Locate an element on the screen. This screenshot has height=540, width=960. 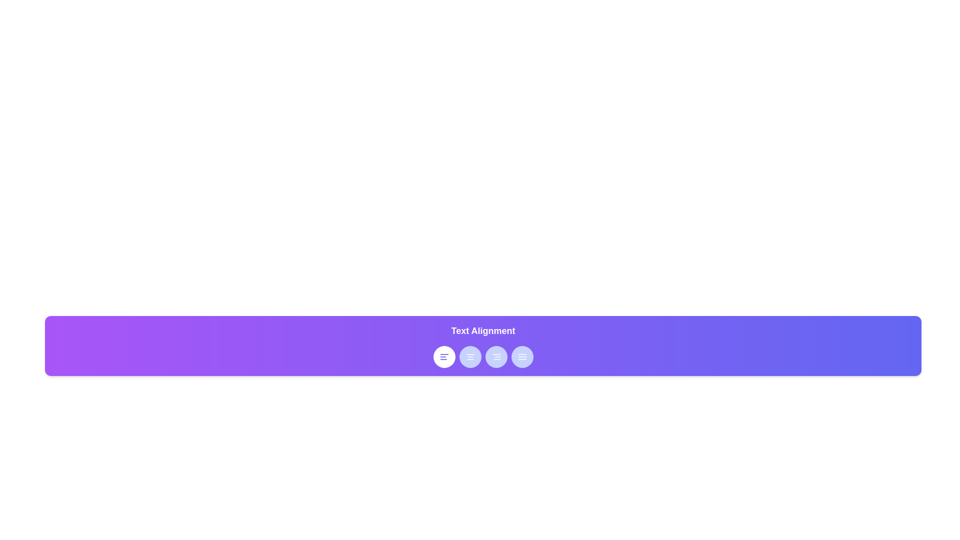
the left-align text icon button located beneath the 'Text Alignment' label is located at coordinates (443, 356).